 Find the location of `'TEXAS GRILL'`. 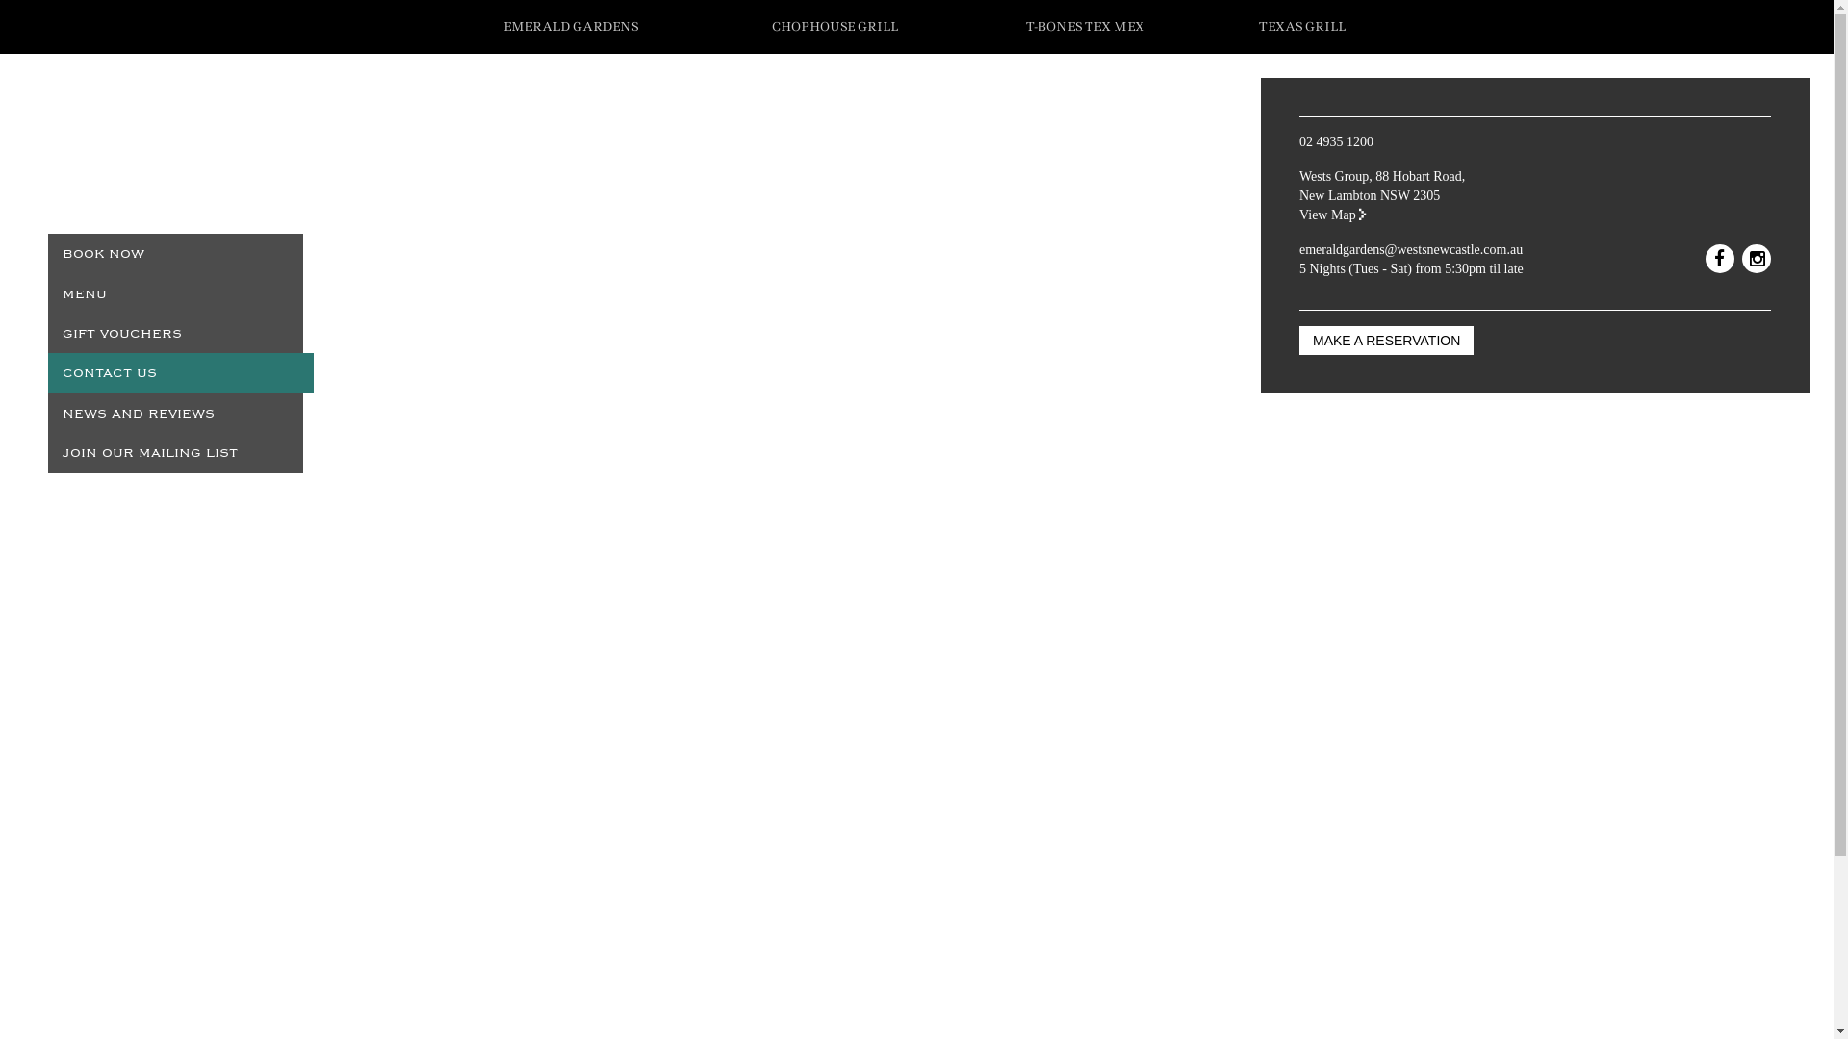

'TEXAS GRILL' is located at coordinates (1302, 26).